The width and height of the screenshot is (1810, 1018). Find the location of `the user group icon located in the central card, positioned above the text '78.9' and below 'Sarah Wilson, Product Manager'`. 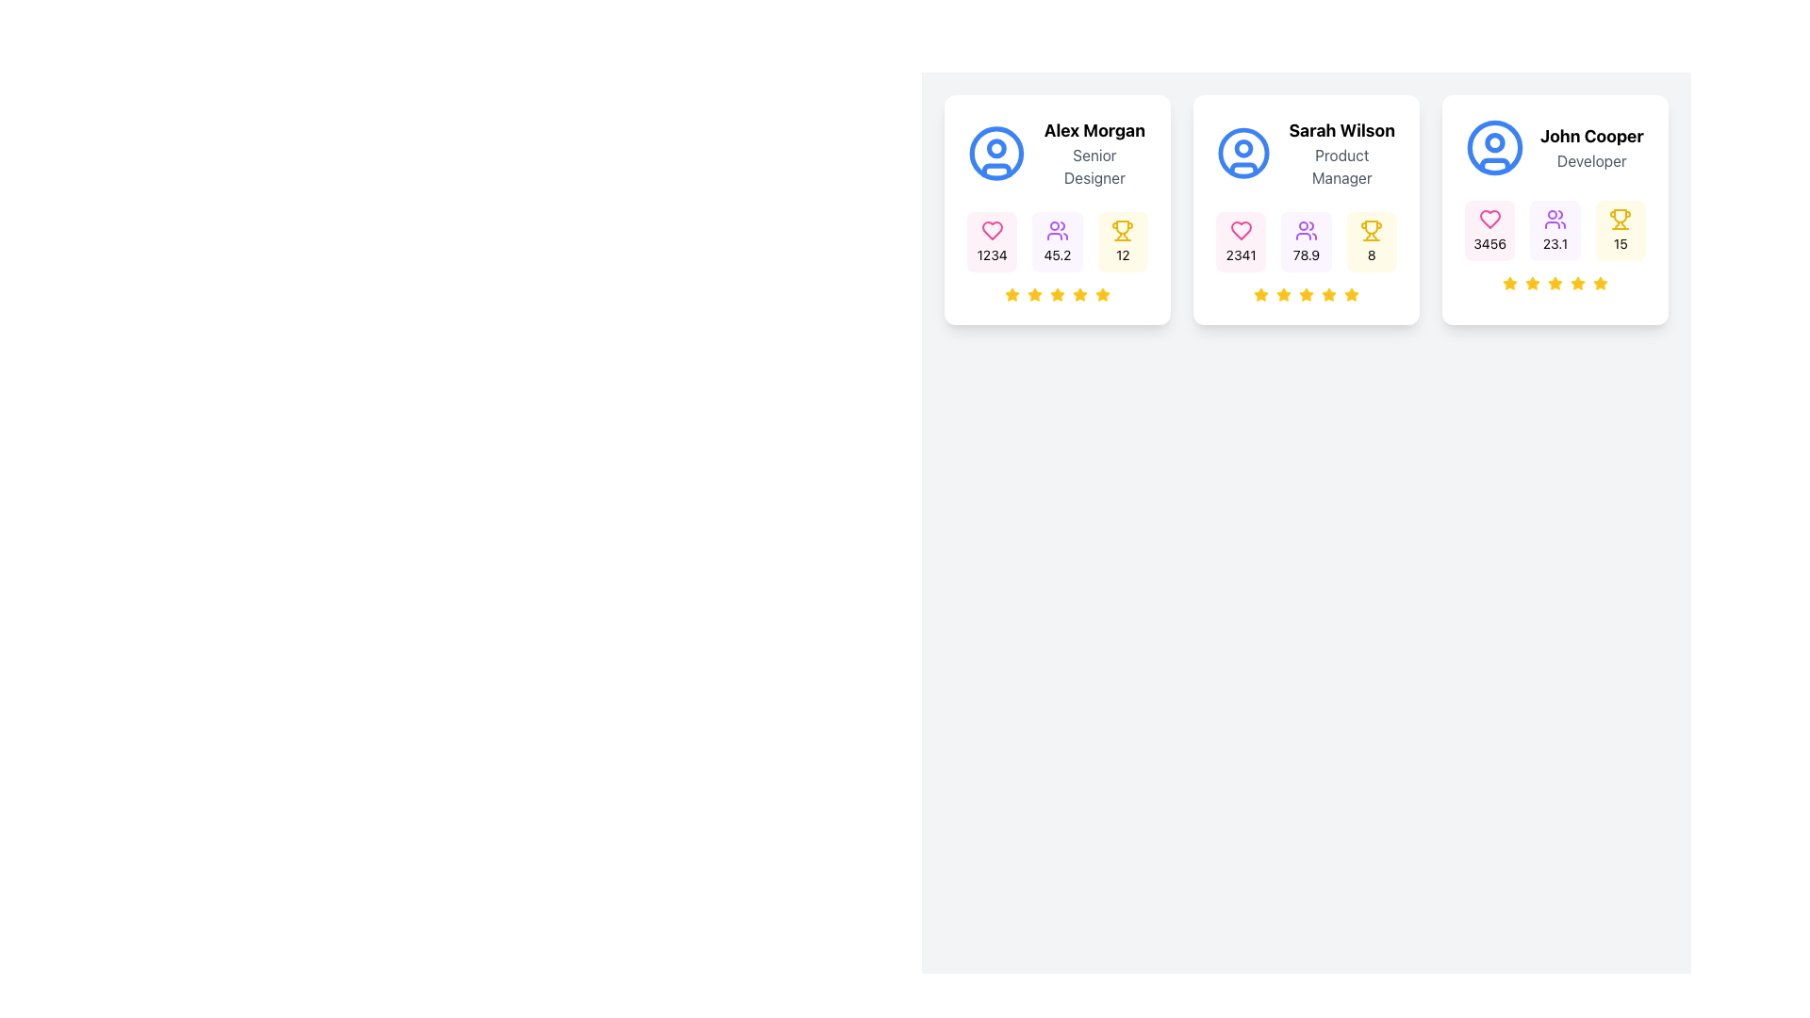

the user group icon located in the central card, positioned above the text '78.9' and below 'Sarah Wilson, Product Manager' is located at coordinates (1306, 230).